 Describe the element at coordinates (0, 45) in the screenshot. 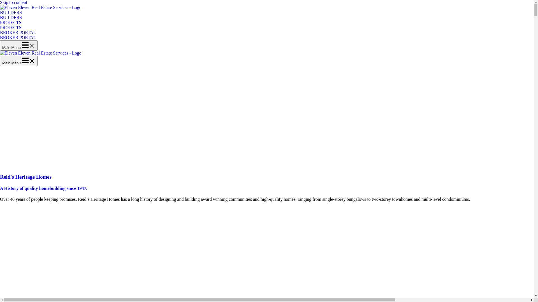

I see `'Main Menu'` at that location.